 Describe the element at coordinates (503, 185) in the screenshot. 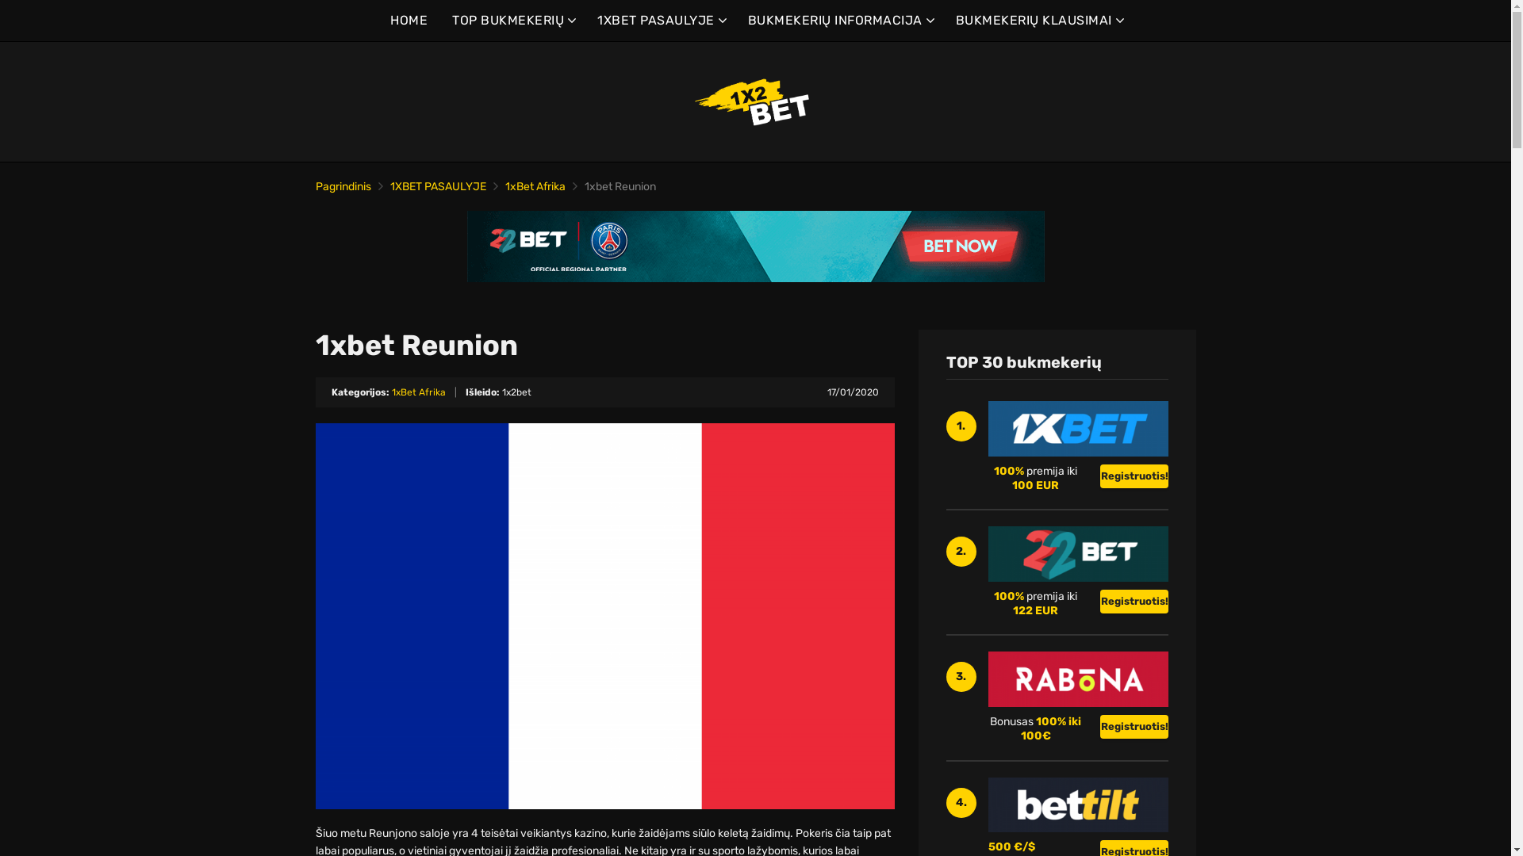

I see `'1xBet Afrika'` at that location.